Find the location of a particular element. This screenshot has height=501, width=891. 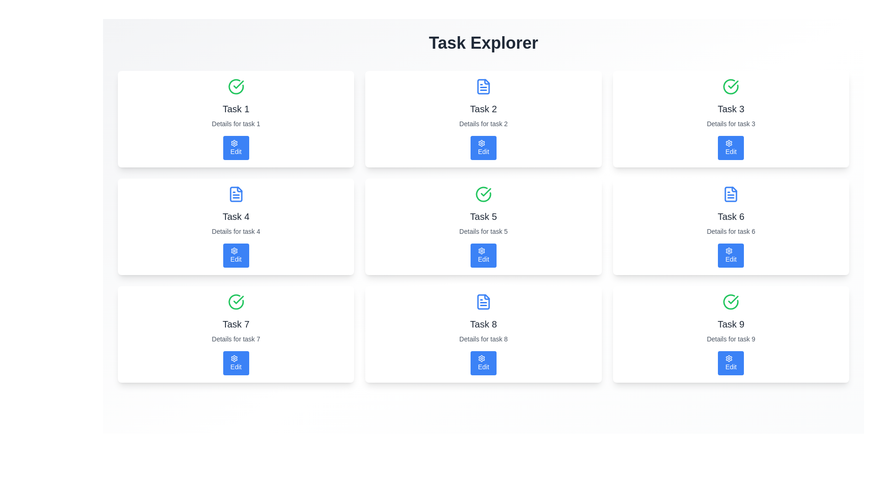

the blue document icon with a white background, located at the top-center of the card for 'Task 2', directly above the task title is located at coordinates (483, 86).